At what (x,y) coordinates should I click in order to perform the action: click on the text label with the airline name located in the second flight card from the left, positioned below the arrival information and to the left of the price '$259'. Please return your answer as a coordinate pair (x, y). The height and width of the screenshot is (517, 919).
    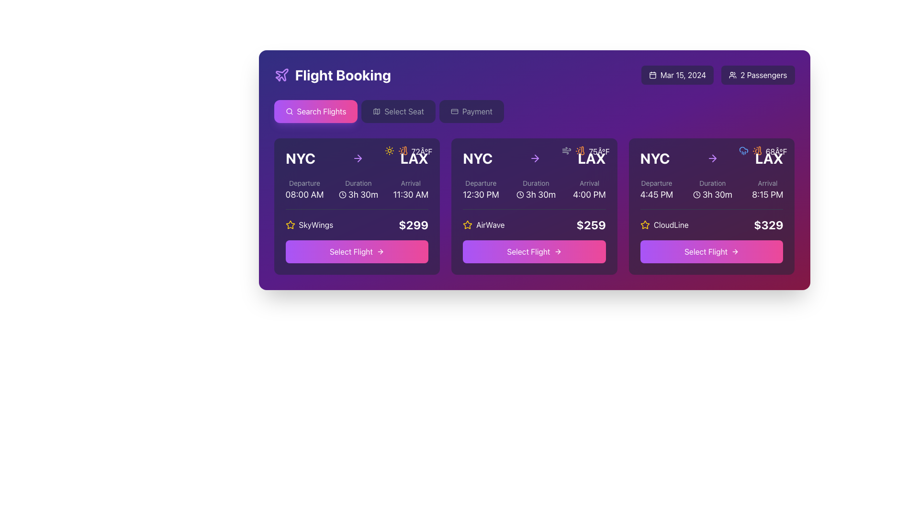
    Looking at the image, I should click on (483, 225).